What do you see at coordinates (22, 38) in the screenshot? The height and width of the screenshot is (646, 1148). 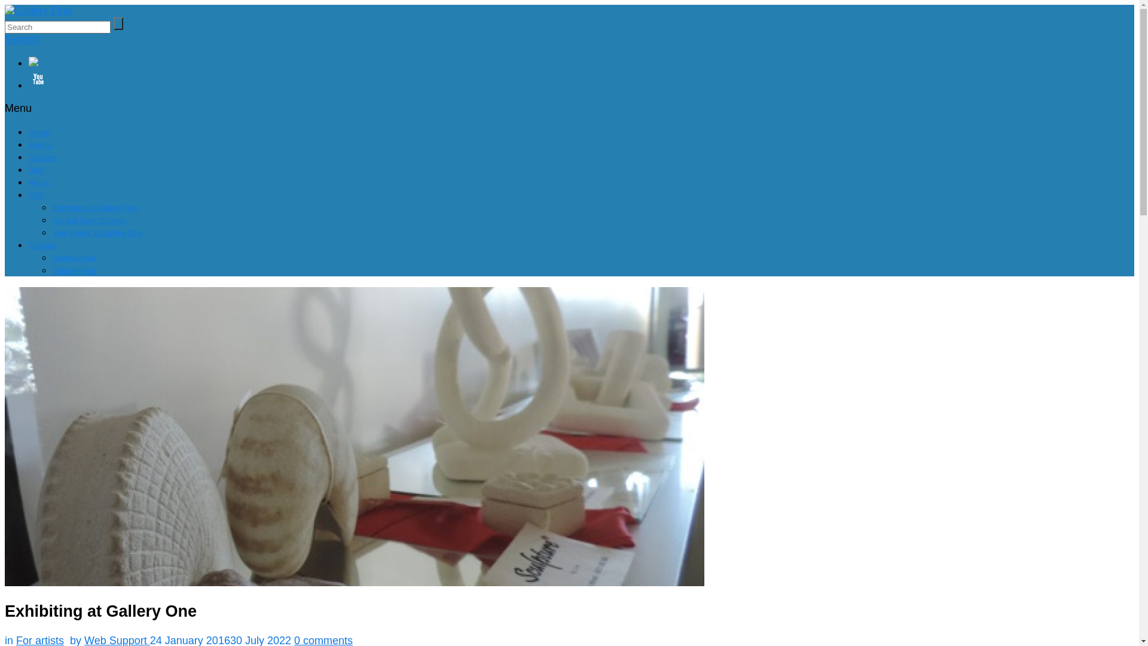 I see `'Search'` at bounding box center [22, 38].